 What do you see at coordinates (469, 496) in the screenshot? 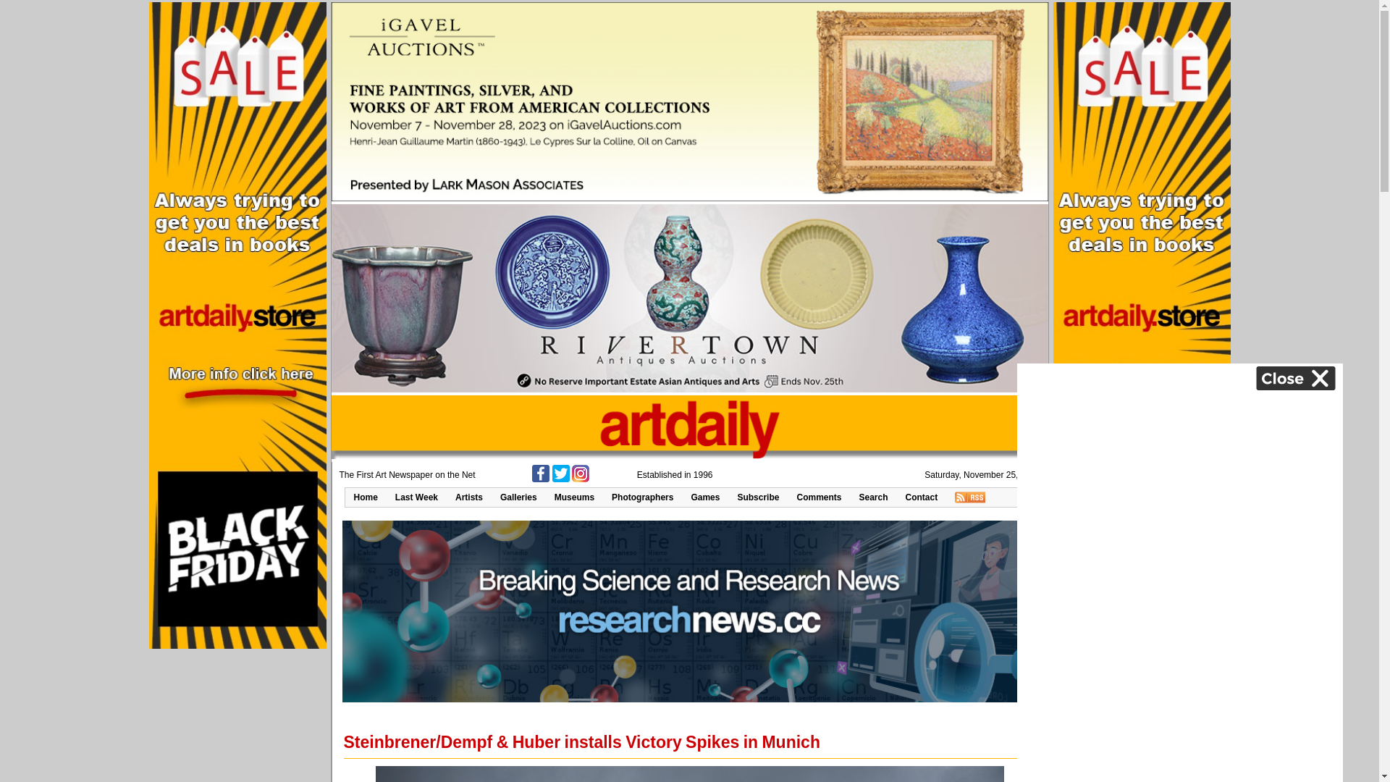
I see `'Artists'` at bounding box center [469, 496].